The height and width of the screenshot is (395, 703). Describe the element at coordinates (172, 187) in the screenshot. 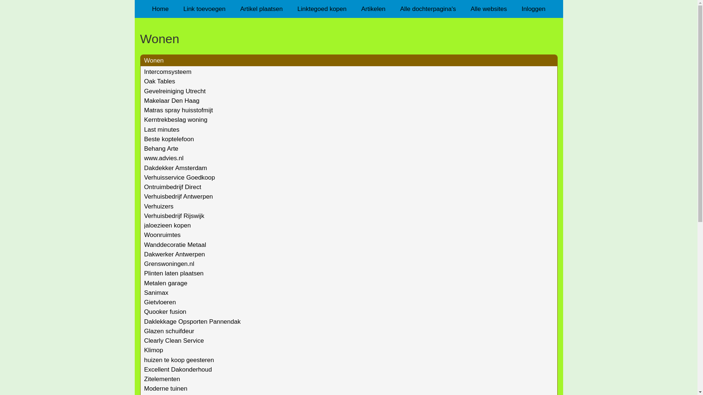

I see `'Ontruimbedrijf Direct'` at that location.